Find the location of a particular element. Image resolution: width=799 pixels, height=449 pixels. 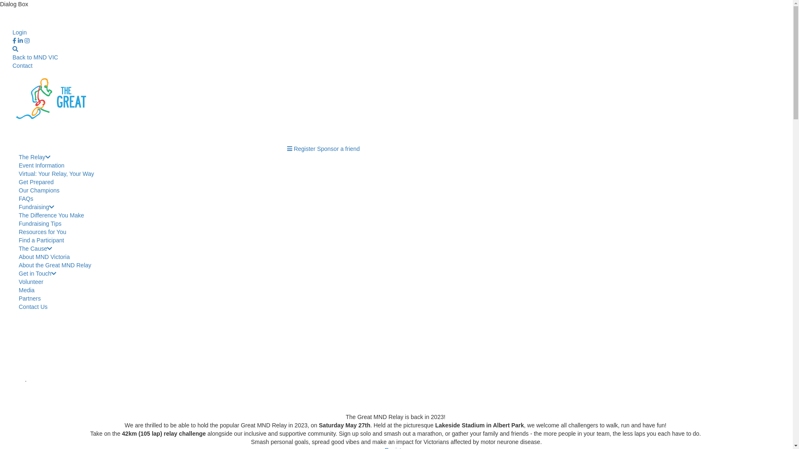

'The Difference You Make' is located at coordinates (51, 215).